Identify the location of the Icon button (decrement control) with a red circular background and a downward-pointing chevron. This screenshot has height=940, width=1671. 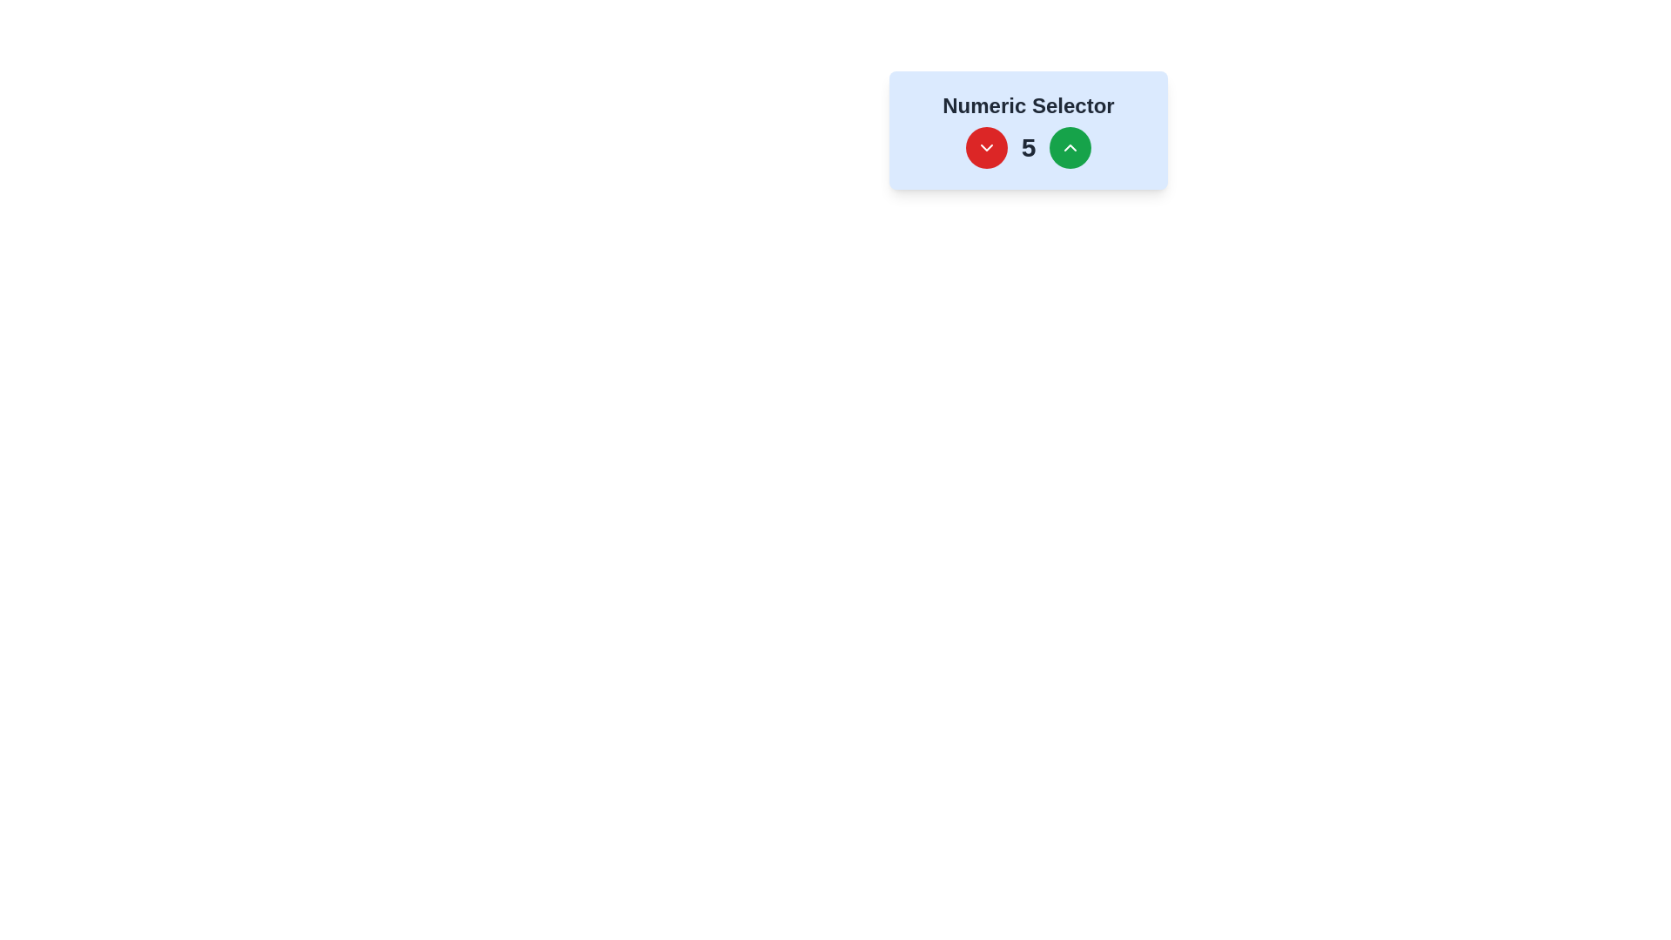
(986, 146).